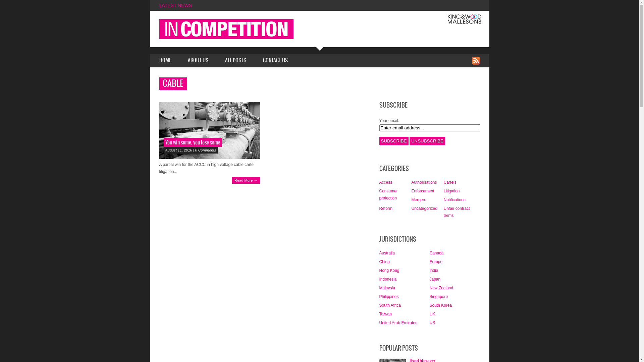 This screenshot has width=644, height=362. Describe the element at coordinates (436, 253) in the screenshot. I see `'Canada'` at that location.